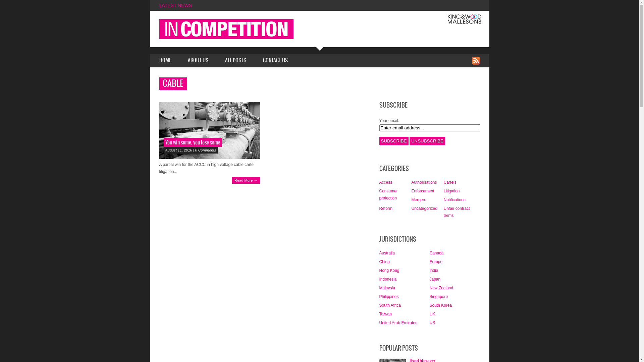 This screenshot has width=644, height=362. Describe the element at coordinates (436, 253) in the screenshot. I see `'Canada'` at that location.